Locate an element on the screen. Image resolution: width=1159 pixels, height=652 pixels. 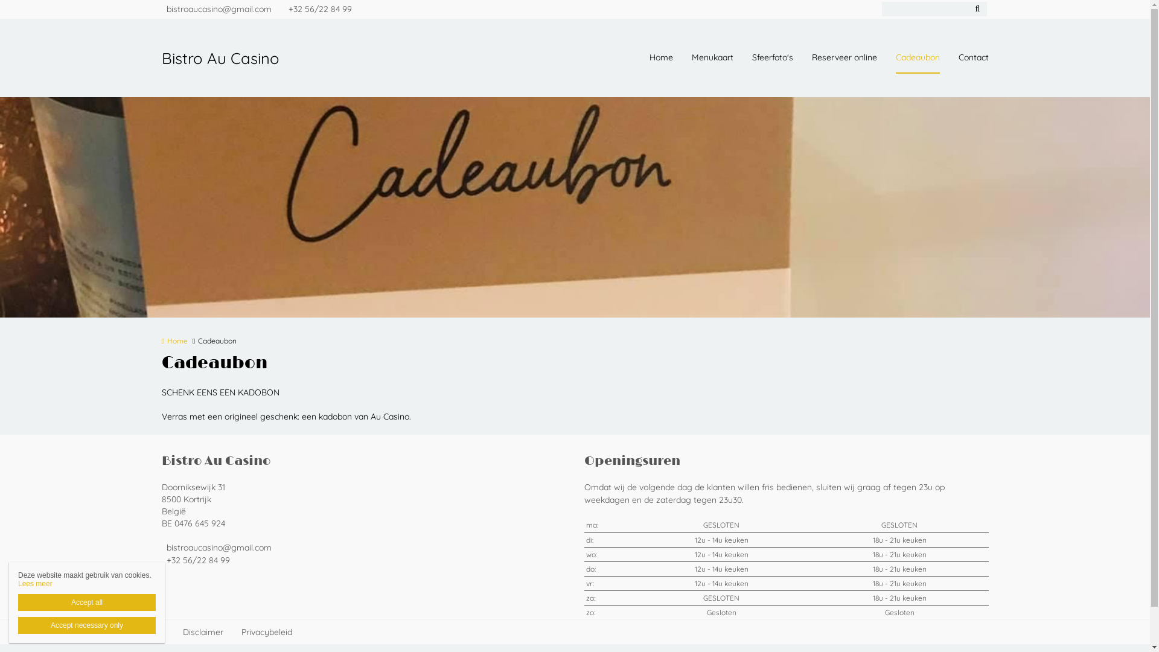
'bistroaucasino@gmail.com' is located at coordinates (161, 9).